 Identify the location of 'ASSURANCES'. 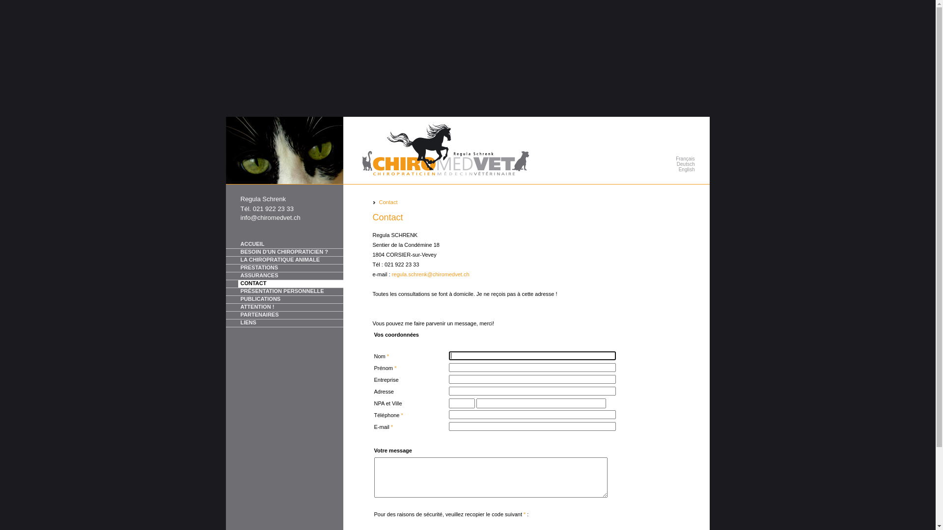
(284, 276).